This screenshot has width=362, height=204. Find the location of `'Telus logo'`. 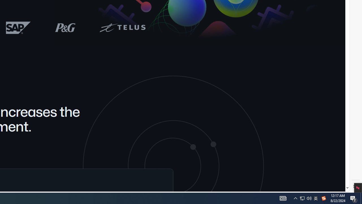

'Telus logo' is located at coordinates (122, 27).